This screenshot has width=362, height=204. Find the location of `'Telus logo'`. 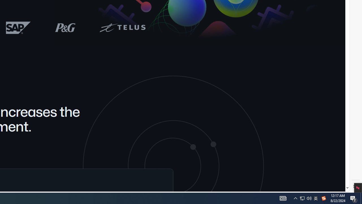

'Telus logo' is located at coordinates (122, 27).